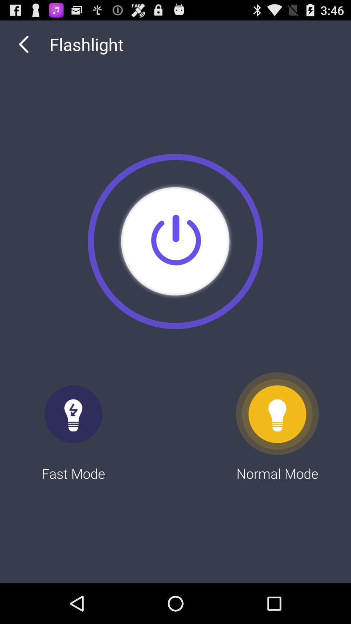 The width and height of the screenshot is (351, 624). Describe the element at coordinates (277, 427) in the screenshot. I see `normal mode at the bottom right corner` at that location.